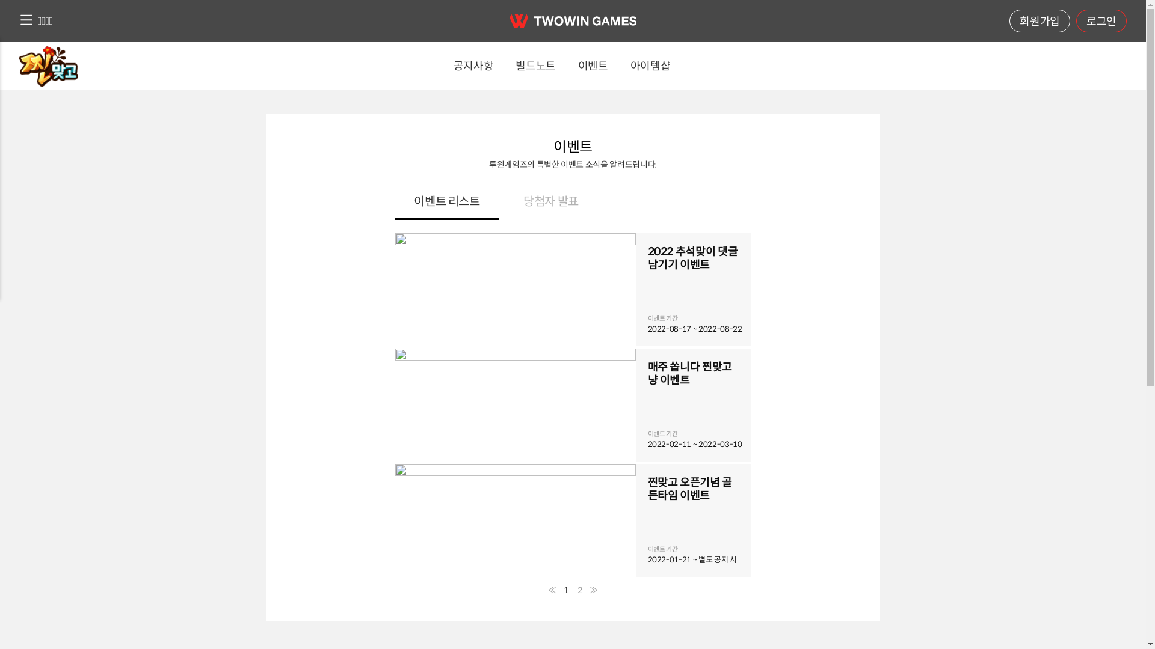 This screenshot has width=1155, height=649. What do you see at coordinates (565, 590) in the screenshot?
I see `'1'` at bounding box center [565, 590].